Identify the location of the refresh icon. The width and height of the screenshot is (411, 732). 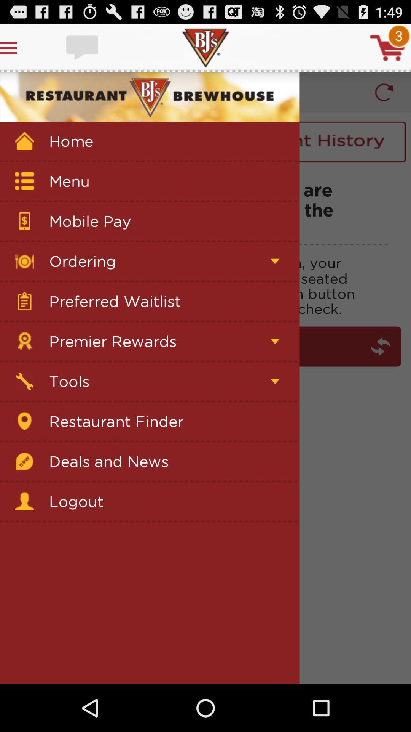
(384, 99).